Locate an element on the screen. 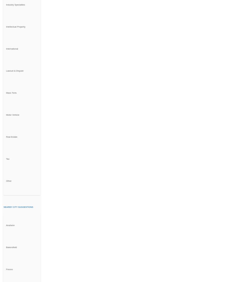 This screenshot has height=282, width=243. 'Motor Vehicle' is located at coordinates (5, 114).